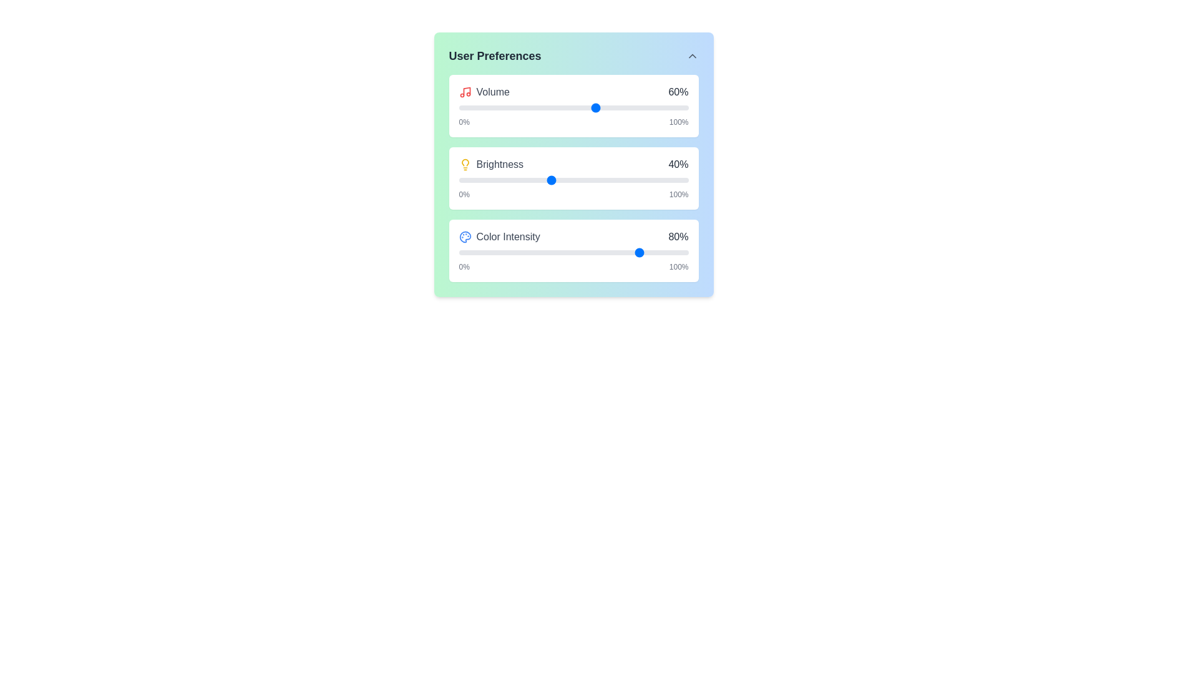 The height and width of the screenshot is (674, 1198). I want to click on the volume, so click(647, 107).